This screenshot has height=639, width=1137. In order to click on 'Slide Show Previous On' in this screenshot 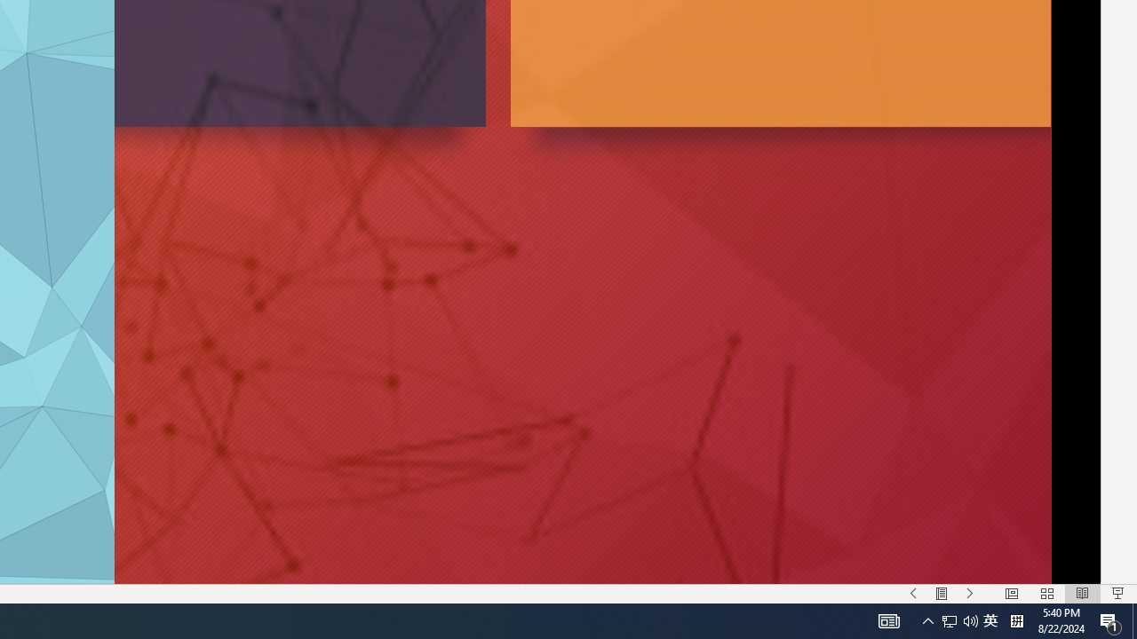, I will do `click(913, 594)`.